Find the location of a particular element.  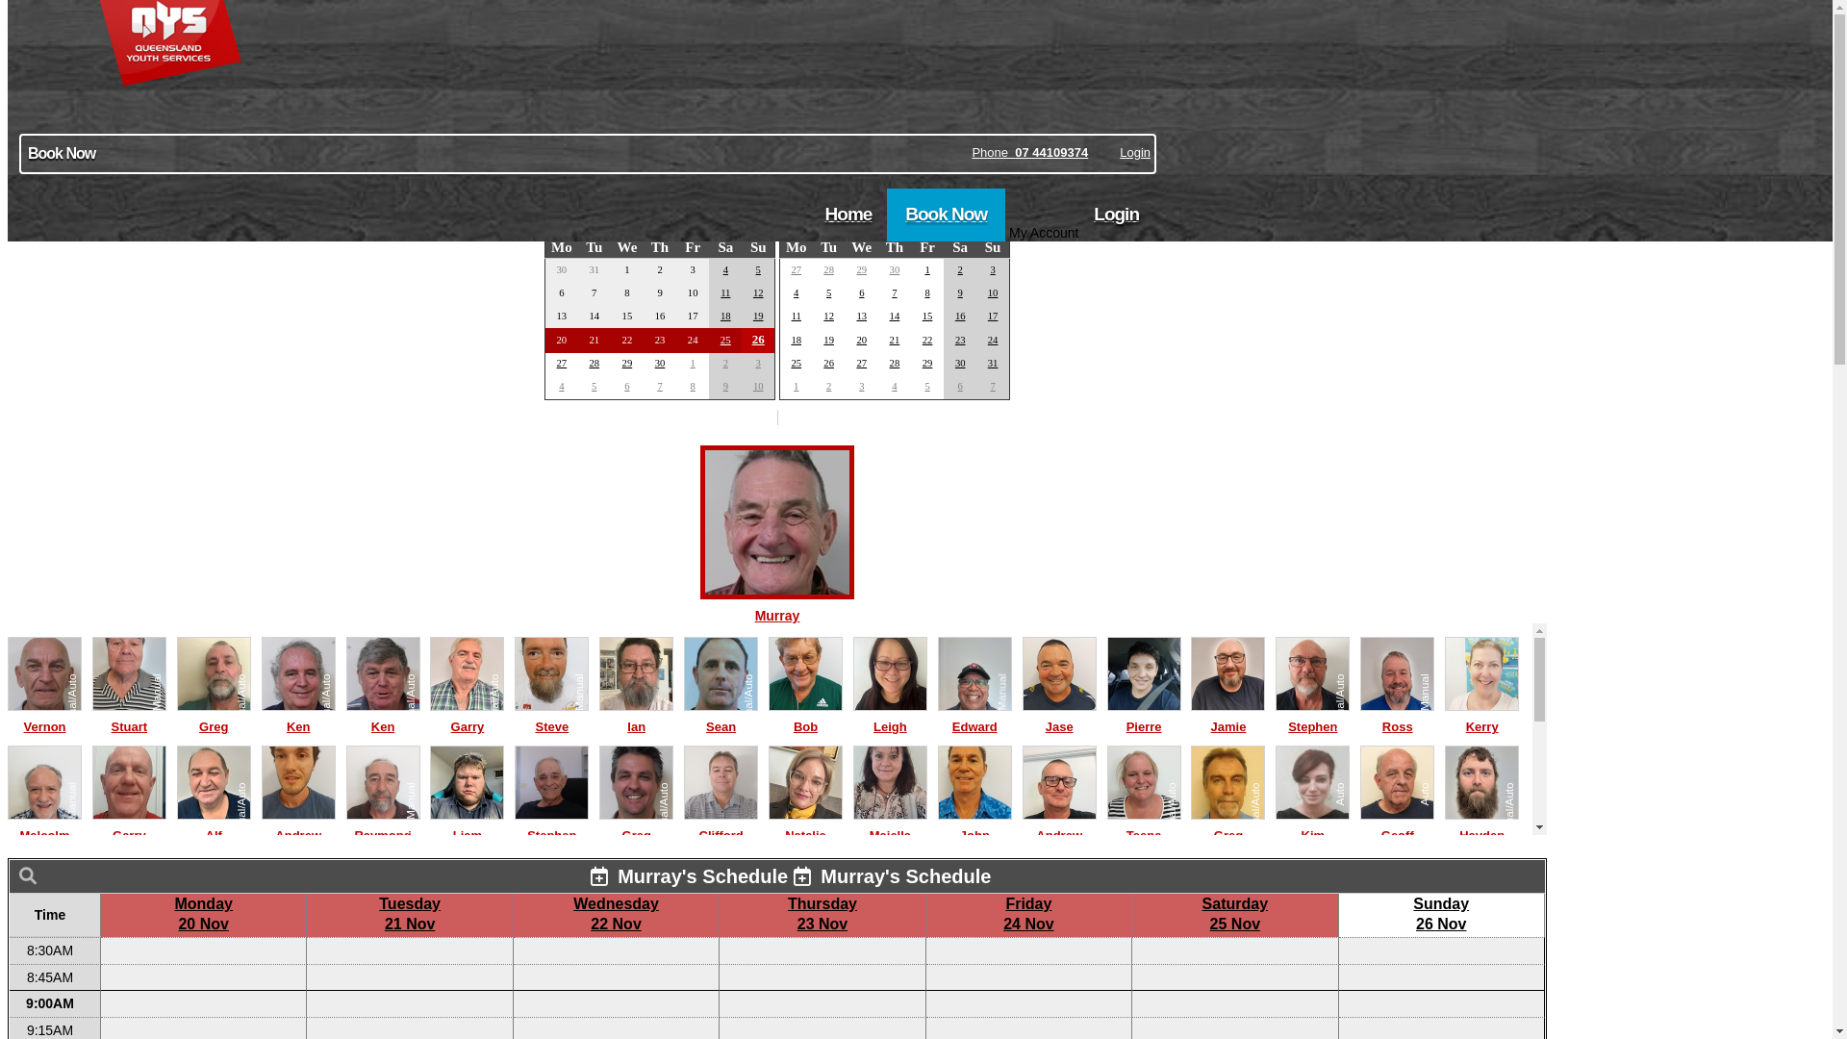

'27' is located at coordinates (796, 269).